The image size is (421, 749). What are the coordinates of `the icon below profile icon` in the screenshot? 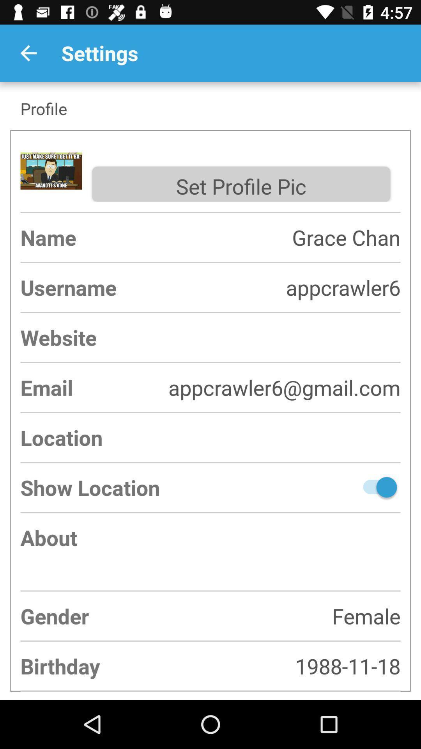 It's located at (241, 184).